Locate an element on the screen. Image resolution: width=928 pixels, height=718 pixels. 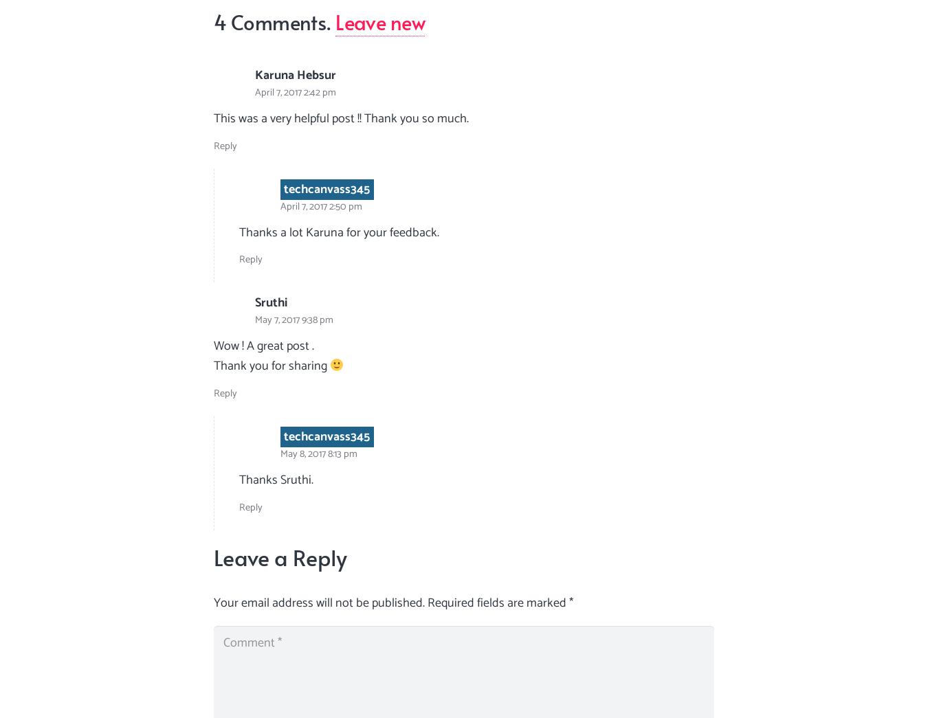
'Required fields are marked' is located at coordinates (497, 603).